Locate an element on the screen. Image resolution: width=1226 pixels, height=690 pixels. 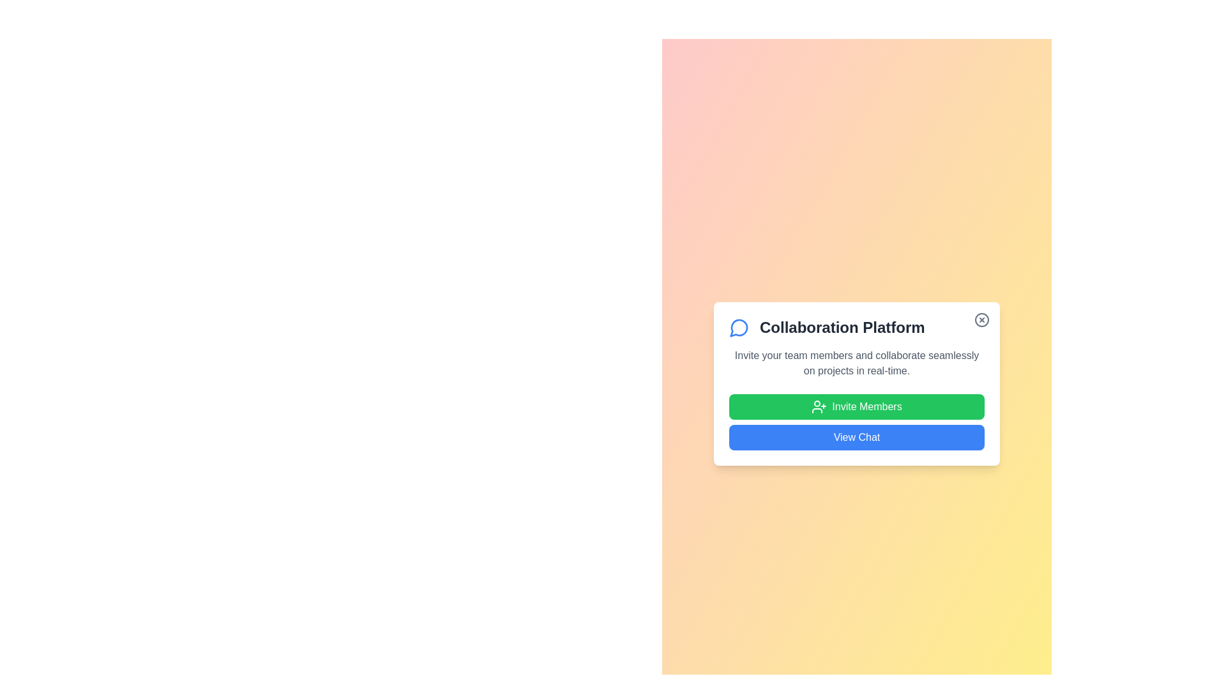
the 'View Chat' button to open the chat interface is located at coordinates (857, 437).